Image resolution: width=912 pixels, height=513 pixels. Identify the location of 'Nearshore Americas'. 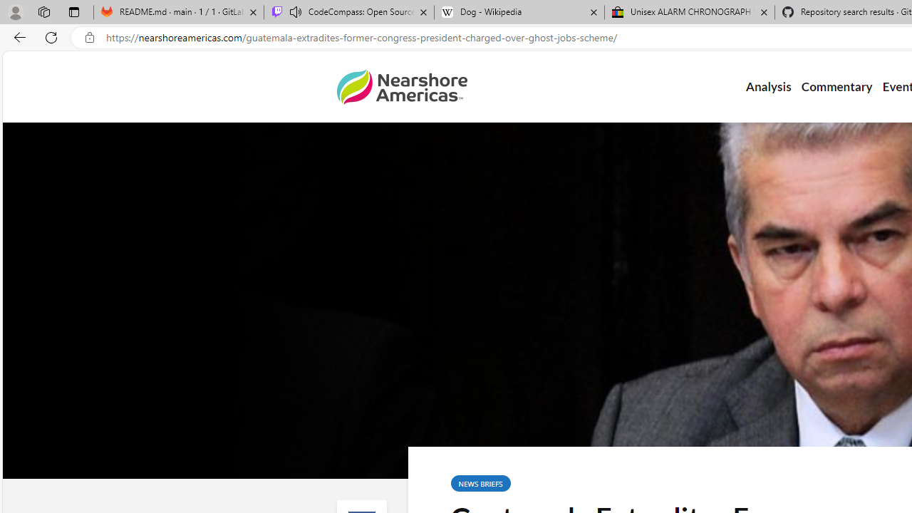
(400, 87).